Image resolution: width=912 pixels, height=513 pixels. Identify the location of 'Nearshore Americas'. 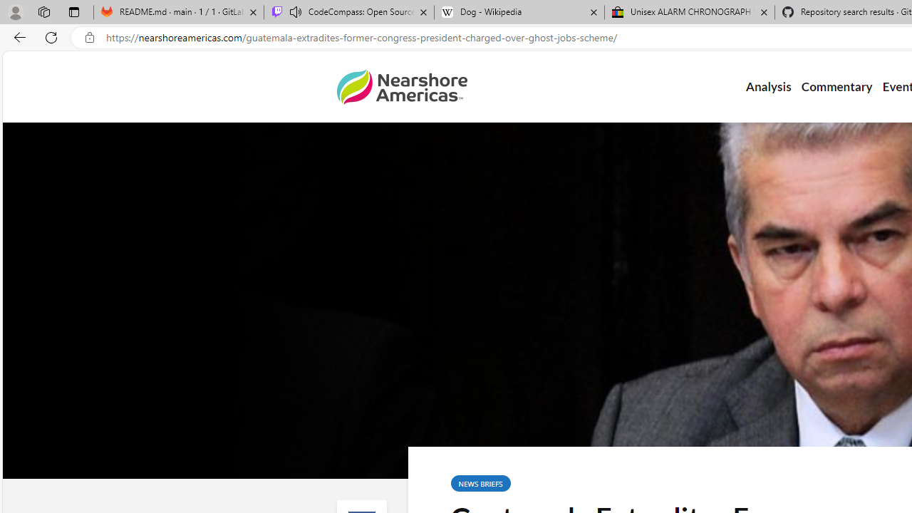
(400, 87).